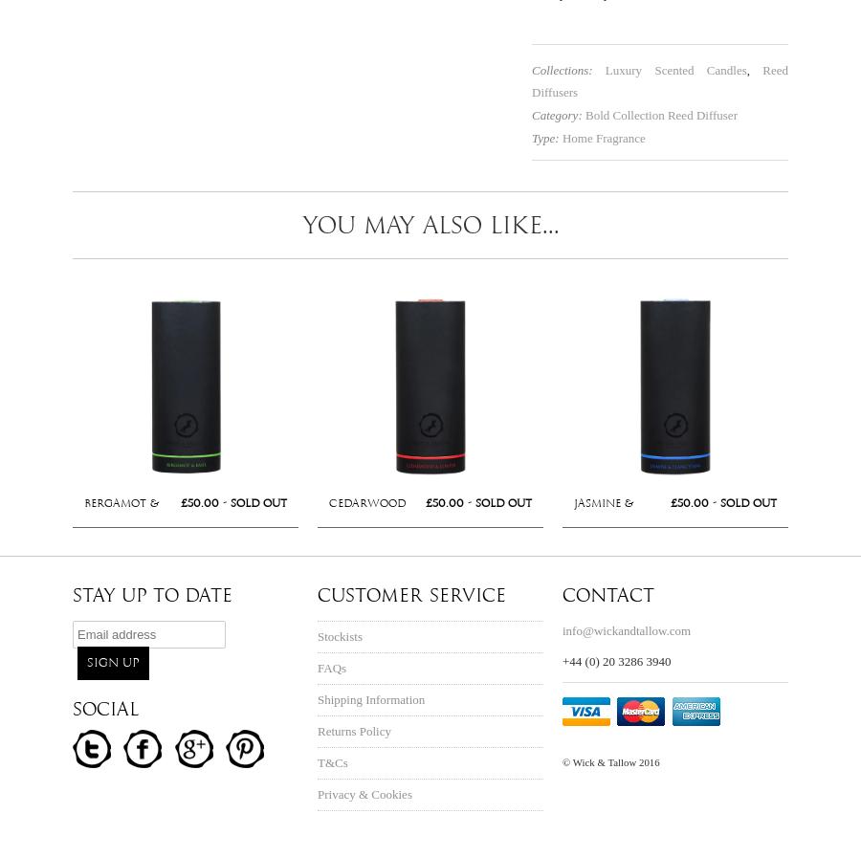 Image resolution: width=861 pixels, height=858 pixels. Describe the element at coordinates (665, 114) in the screenshot. I see `'Reed Diffuser'` at that location.